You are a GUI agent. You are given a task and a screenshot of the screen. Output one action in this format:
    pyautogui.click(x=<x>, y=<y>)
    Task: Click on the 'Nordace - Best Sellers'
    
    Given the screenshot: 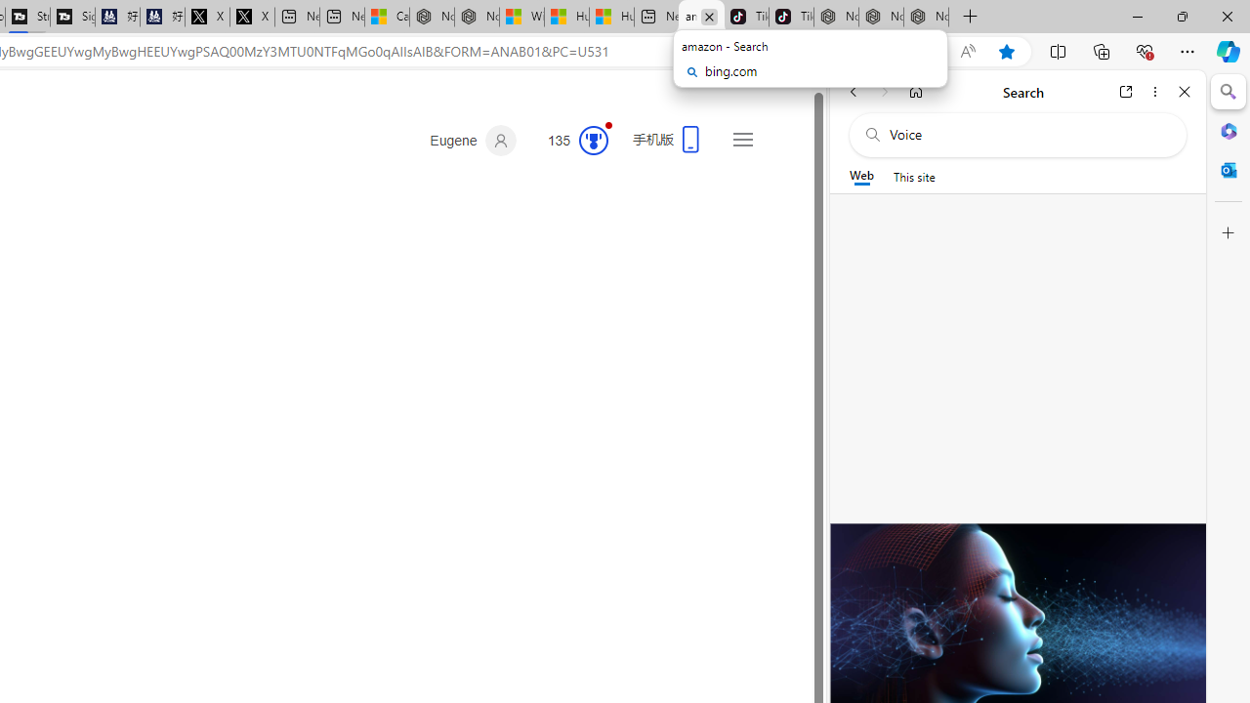 What is the action you would take?
    pyautogui.click(x=836, y=17)
    